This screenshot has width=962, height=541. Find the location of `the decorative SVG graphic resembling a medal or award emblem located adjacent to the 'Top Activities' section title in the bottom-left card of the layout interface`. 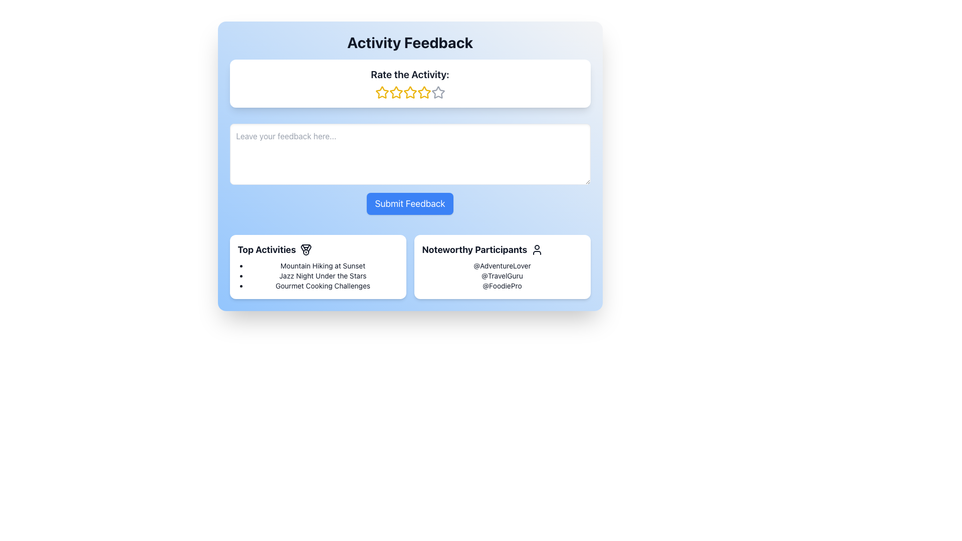

the decorative SVG graphic resembling a medal or award emblem located adjacent to the 'Top Activities' section title in the bottom-left card of the layout interface is located at coordinates (305, 248).